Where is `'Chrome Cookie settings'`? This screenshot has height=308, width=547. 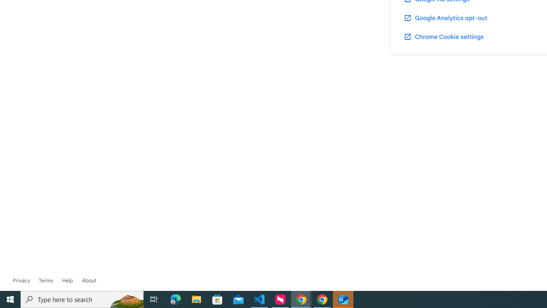
'Chrome Cookie settings' is located at coordinates (444, 36).